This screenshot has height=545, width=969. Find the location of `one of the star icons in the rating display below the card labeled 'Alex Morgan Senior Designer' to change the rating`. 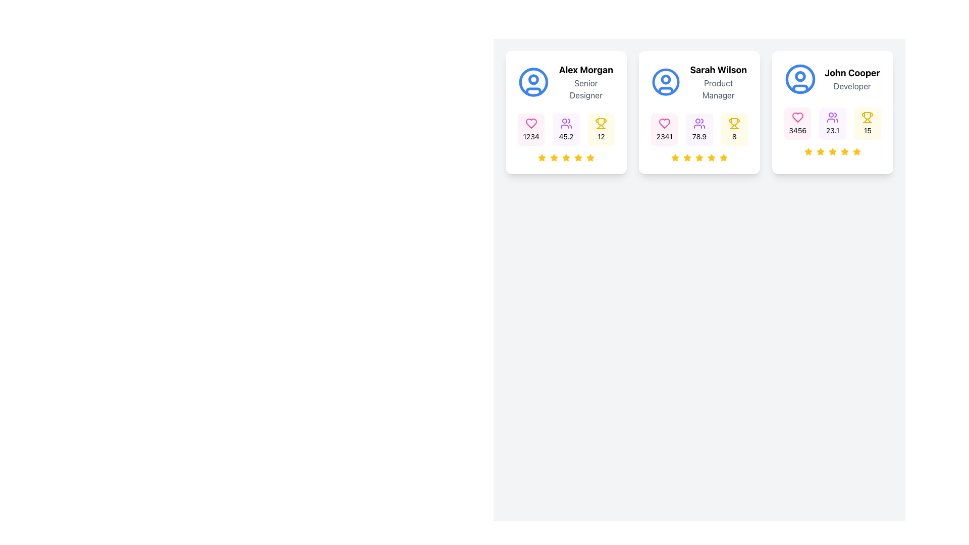

one of the star icons in the rating display below the card labeled 'Alex Morgan Senior Designer' to change the rating is located at coordinates (566, 157).